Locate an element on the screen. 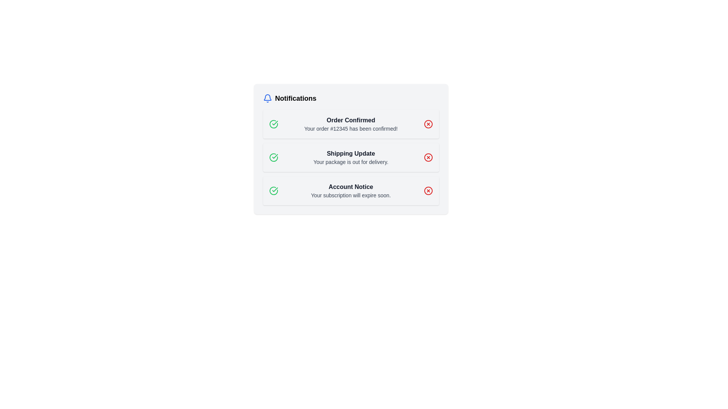 This screenshot has height=409, width=728. warning or informational message related to the user's subscription status displayed as static text below 'Account Notice' in the third notification card under the 'Notifications' section is located at coordinates (350, 195).